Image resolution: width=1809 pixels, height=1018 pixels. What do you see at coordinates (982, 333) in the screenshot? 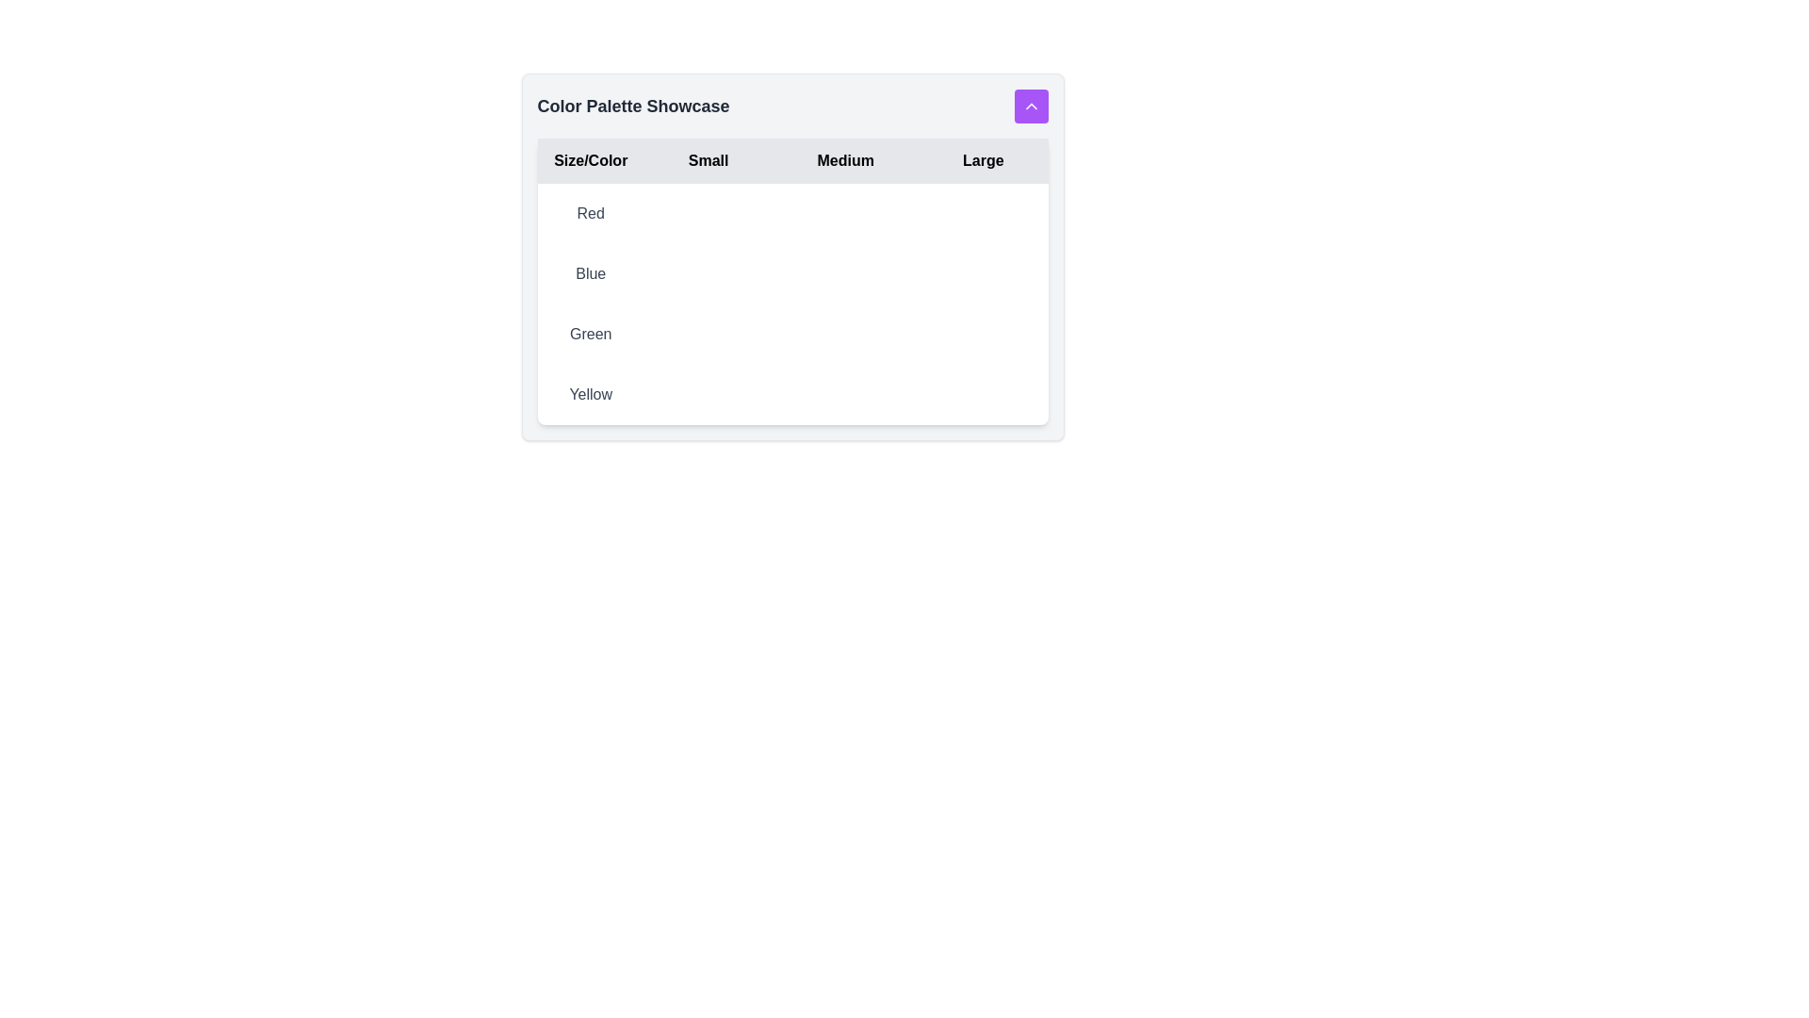
I see `the button-like component with a rounded full shape and a green background displaying 'Code Large', located in the 'Large' column next to the 'Green' row` at bounding box center [982, 333].